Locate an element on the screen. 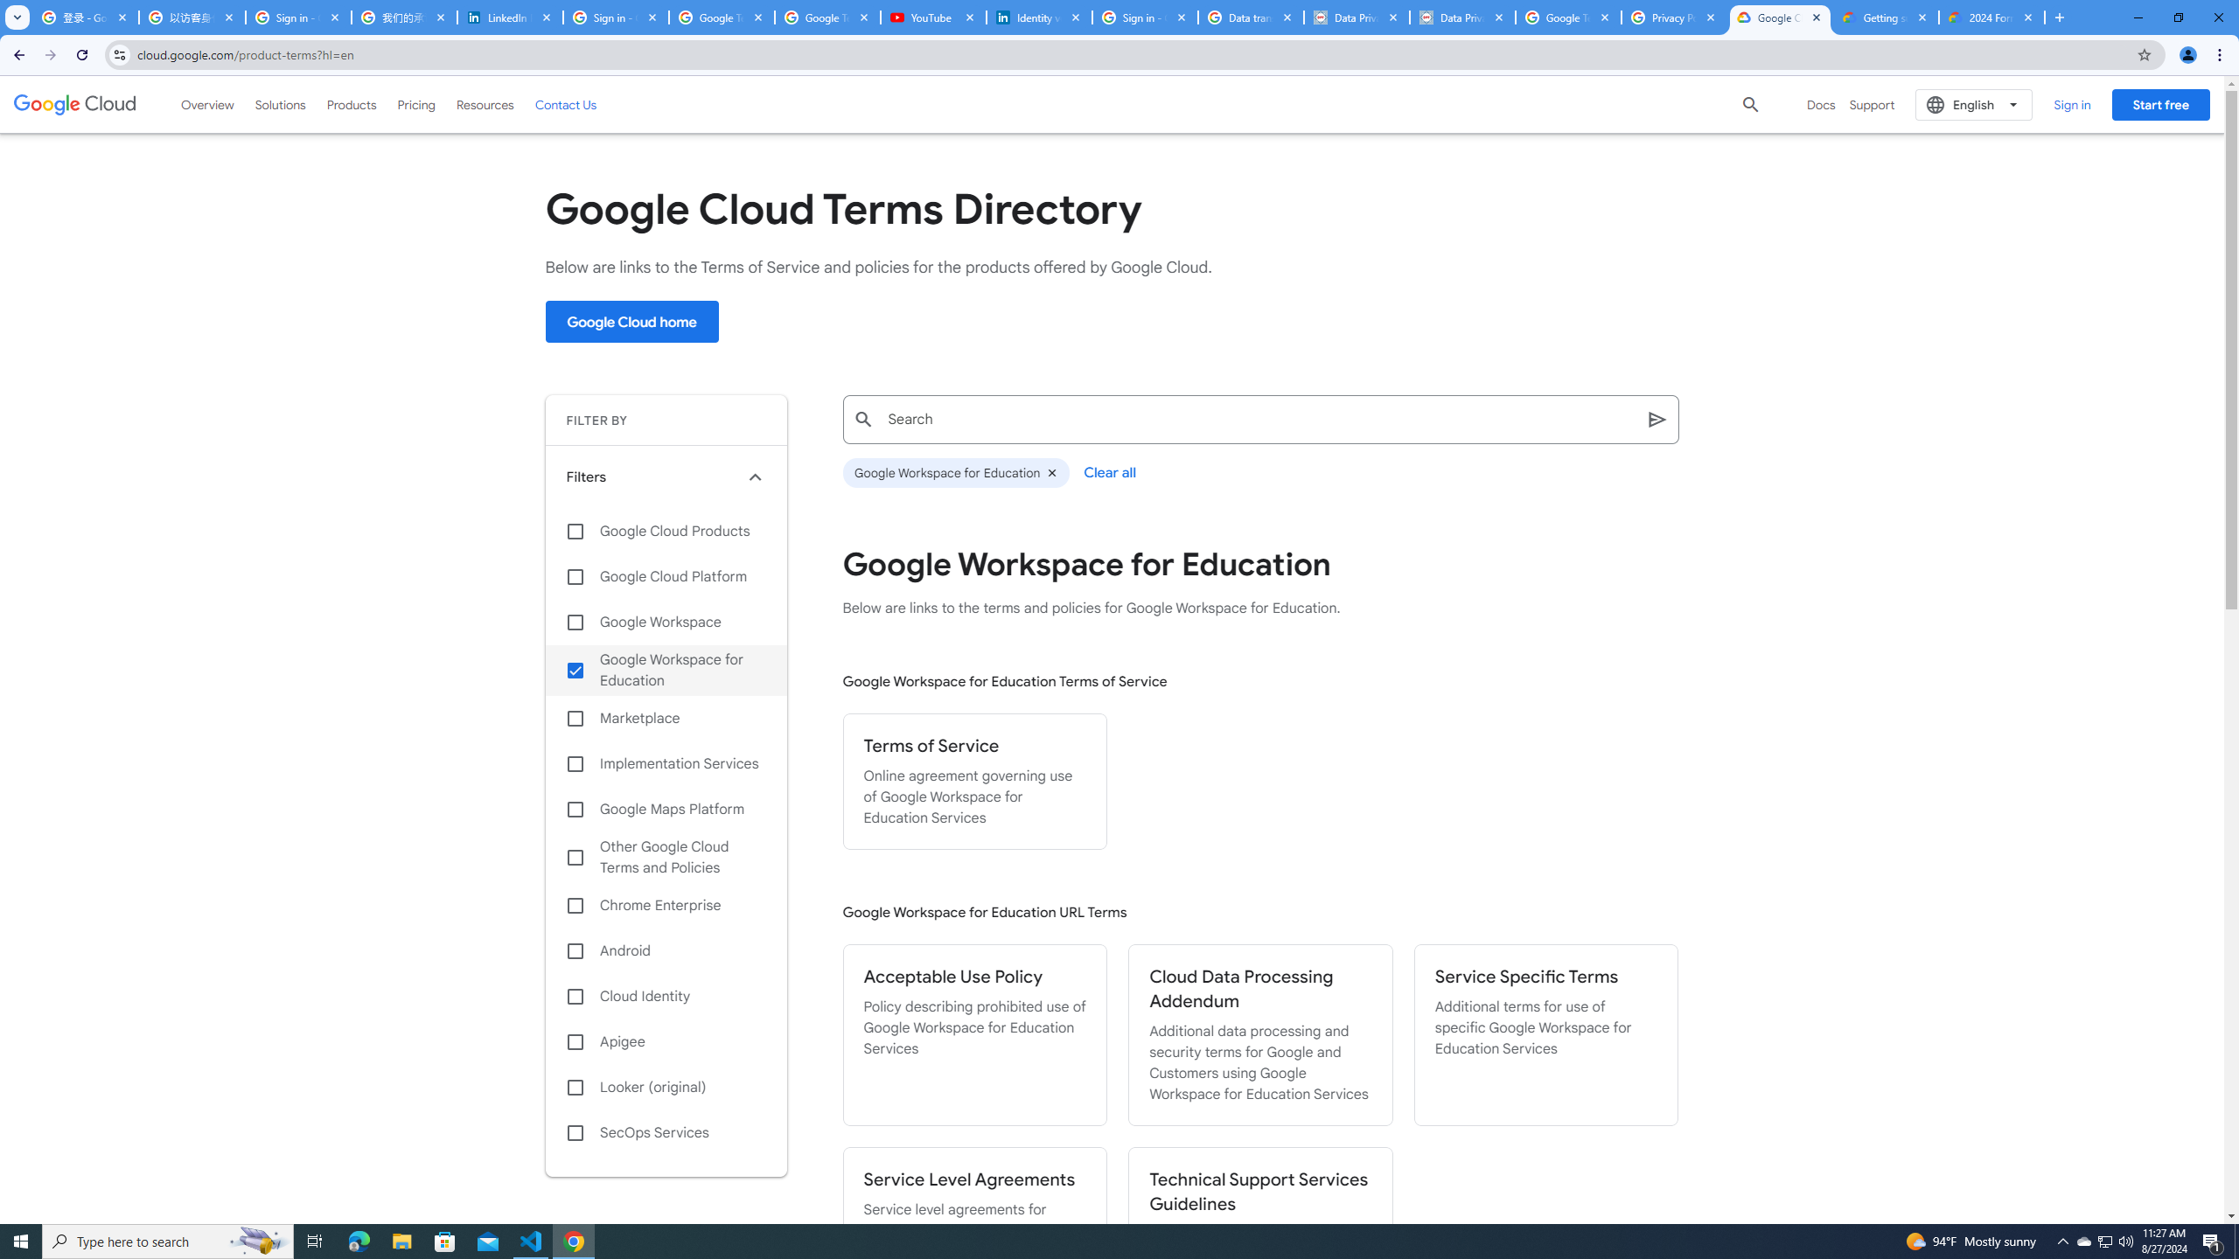 The image size is (2239, 1259). 'Android' is located at coordinates (666, 950).